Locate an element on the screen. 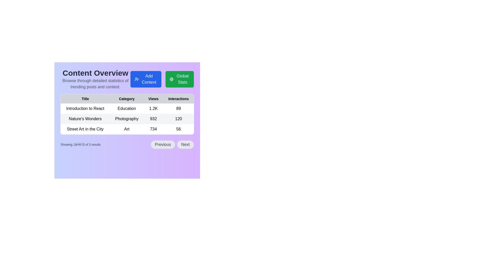  the second row is located at coordinates (127, 119).